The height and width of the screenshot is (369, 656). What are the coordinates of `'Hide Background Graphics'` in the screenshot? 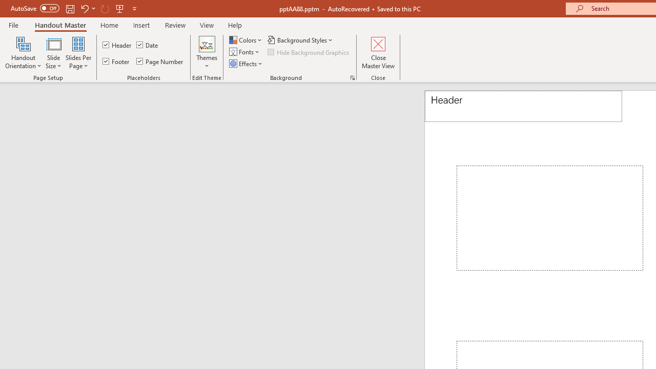 It's located at (309, 52).